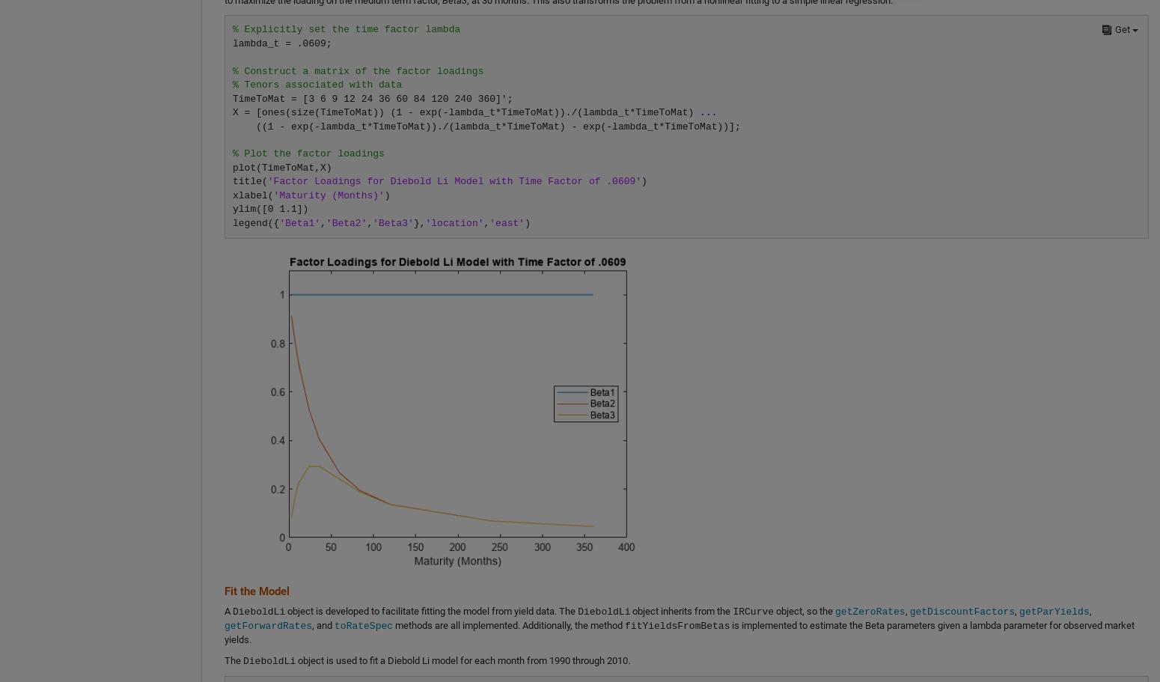 This screenshot has height=682, width=1160. What do you see at coordinates (869, 611) in the screenshot?
I see `'getZeroRates'` at bounding box center [869, 611].